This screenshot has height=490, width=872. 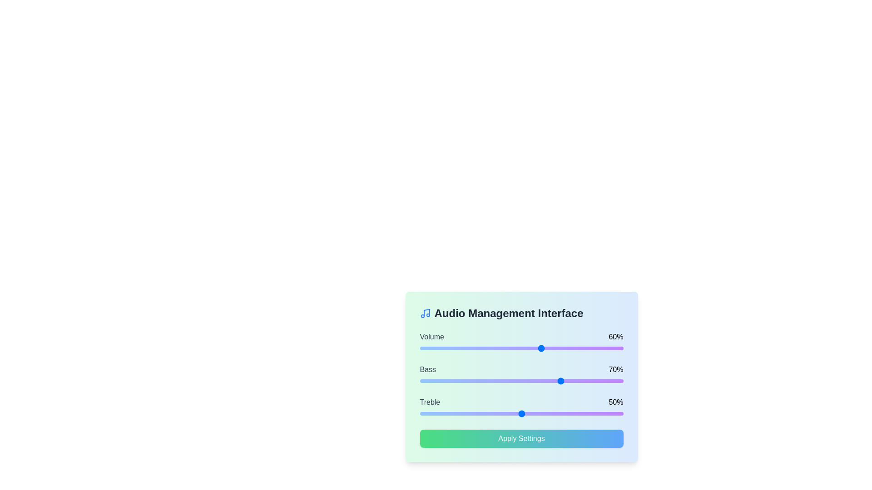 What do you see at coordinates (495, 413) in the screenshot?
I see `the treble level` at bounding box center [495, 413].